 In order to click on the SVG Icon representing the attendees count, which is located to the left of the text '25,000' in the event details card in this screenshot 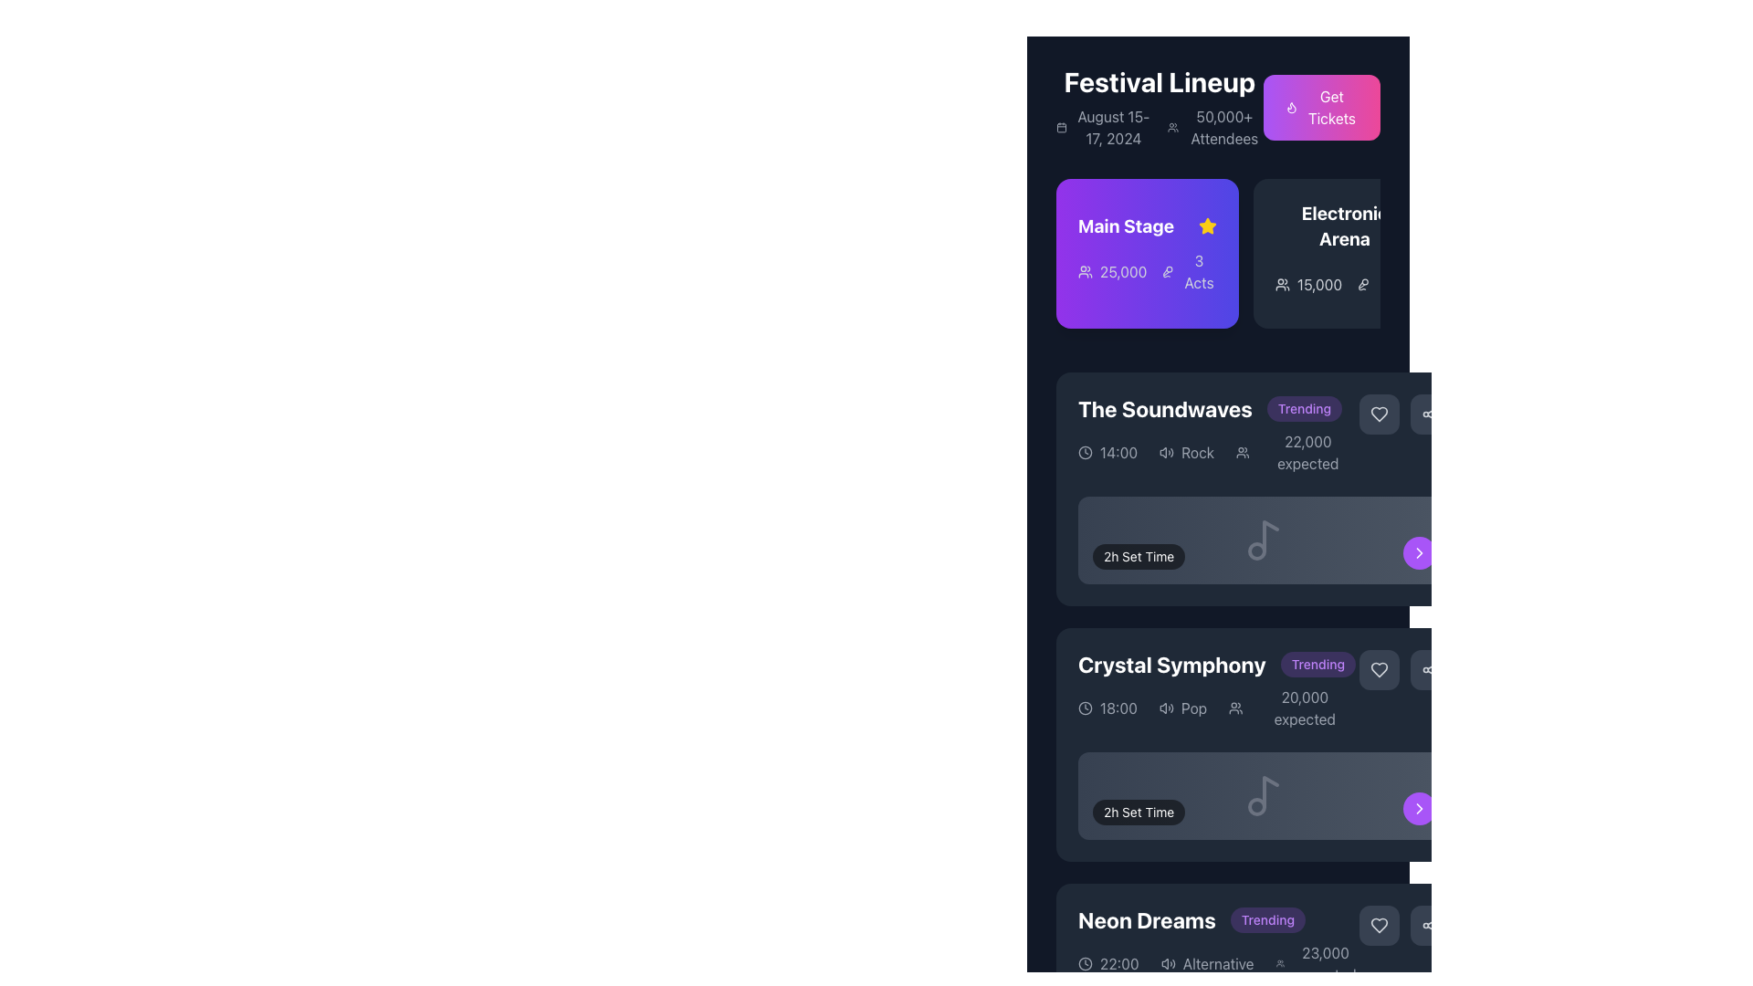, I will do `click(1086, 271)`.